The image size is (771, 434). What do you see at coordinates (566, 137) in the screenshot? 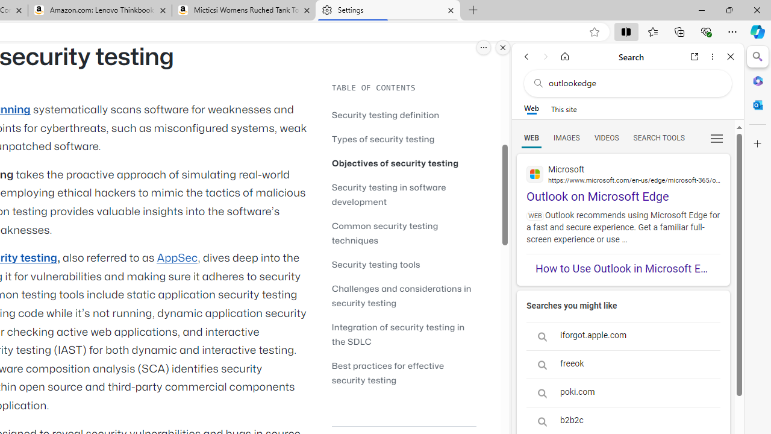
I see `'IMAGES'` at bounding box center [566, 137].